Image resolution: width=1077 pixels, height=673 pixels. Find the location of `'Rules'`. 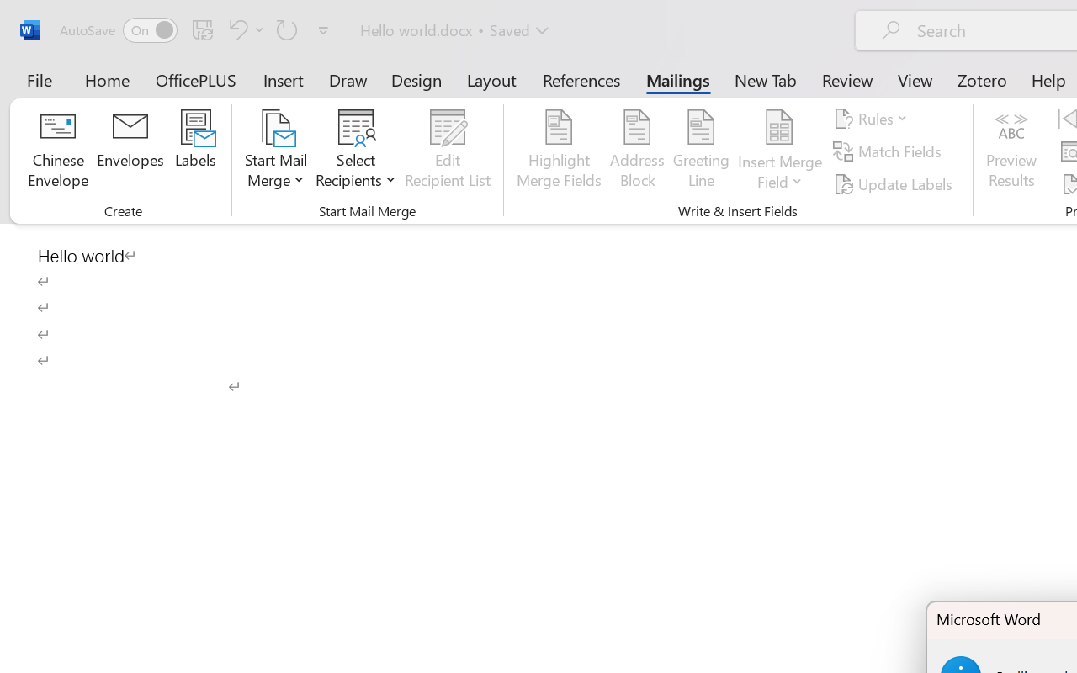

'Rules' is located at coordinates (873, 119).